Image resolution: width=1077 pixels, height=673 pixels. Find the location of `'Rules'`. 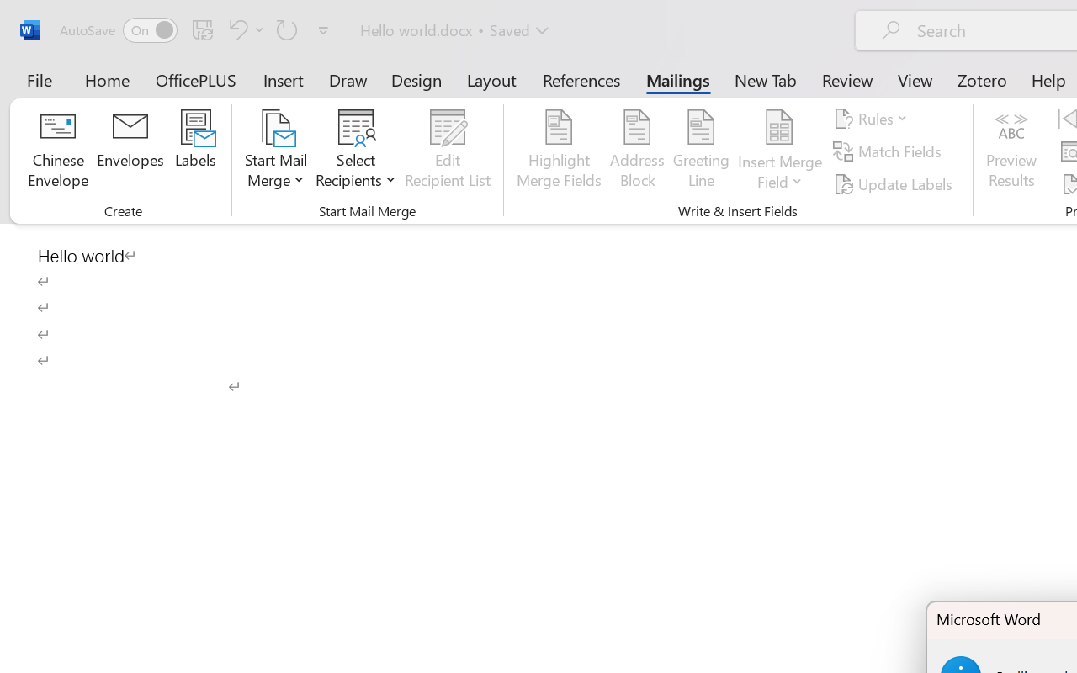

'Rules' is located at coordinates (873, 119).